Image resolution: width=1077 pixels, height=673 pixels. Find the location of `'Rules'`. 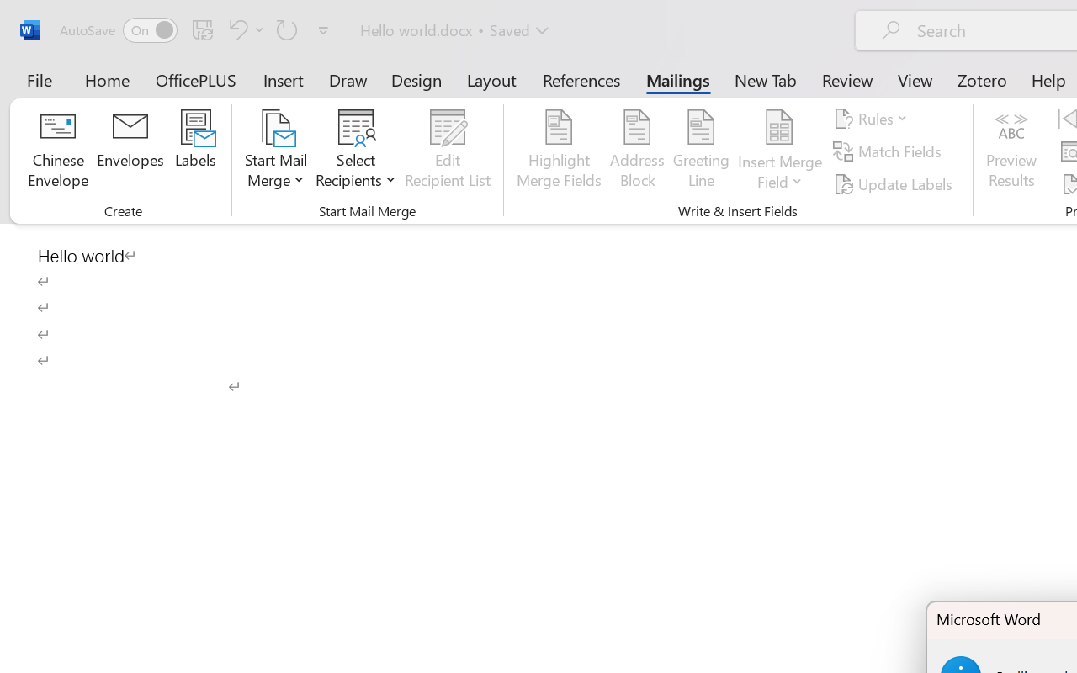

'Rules' is located at coordinates (873, 119).